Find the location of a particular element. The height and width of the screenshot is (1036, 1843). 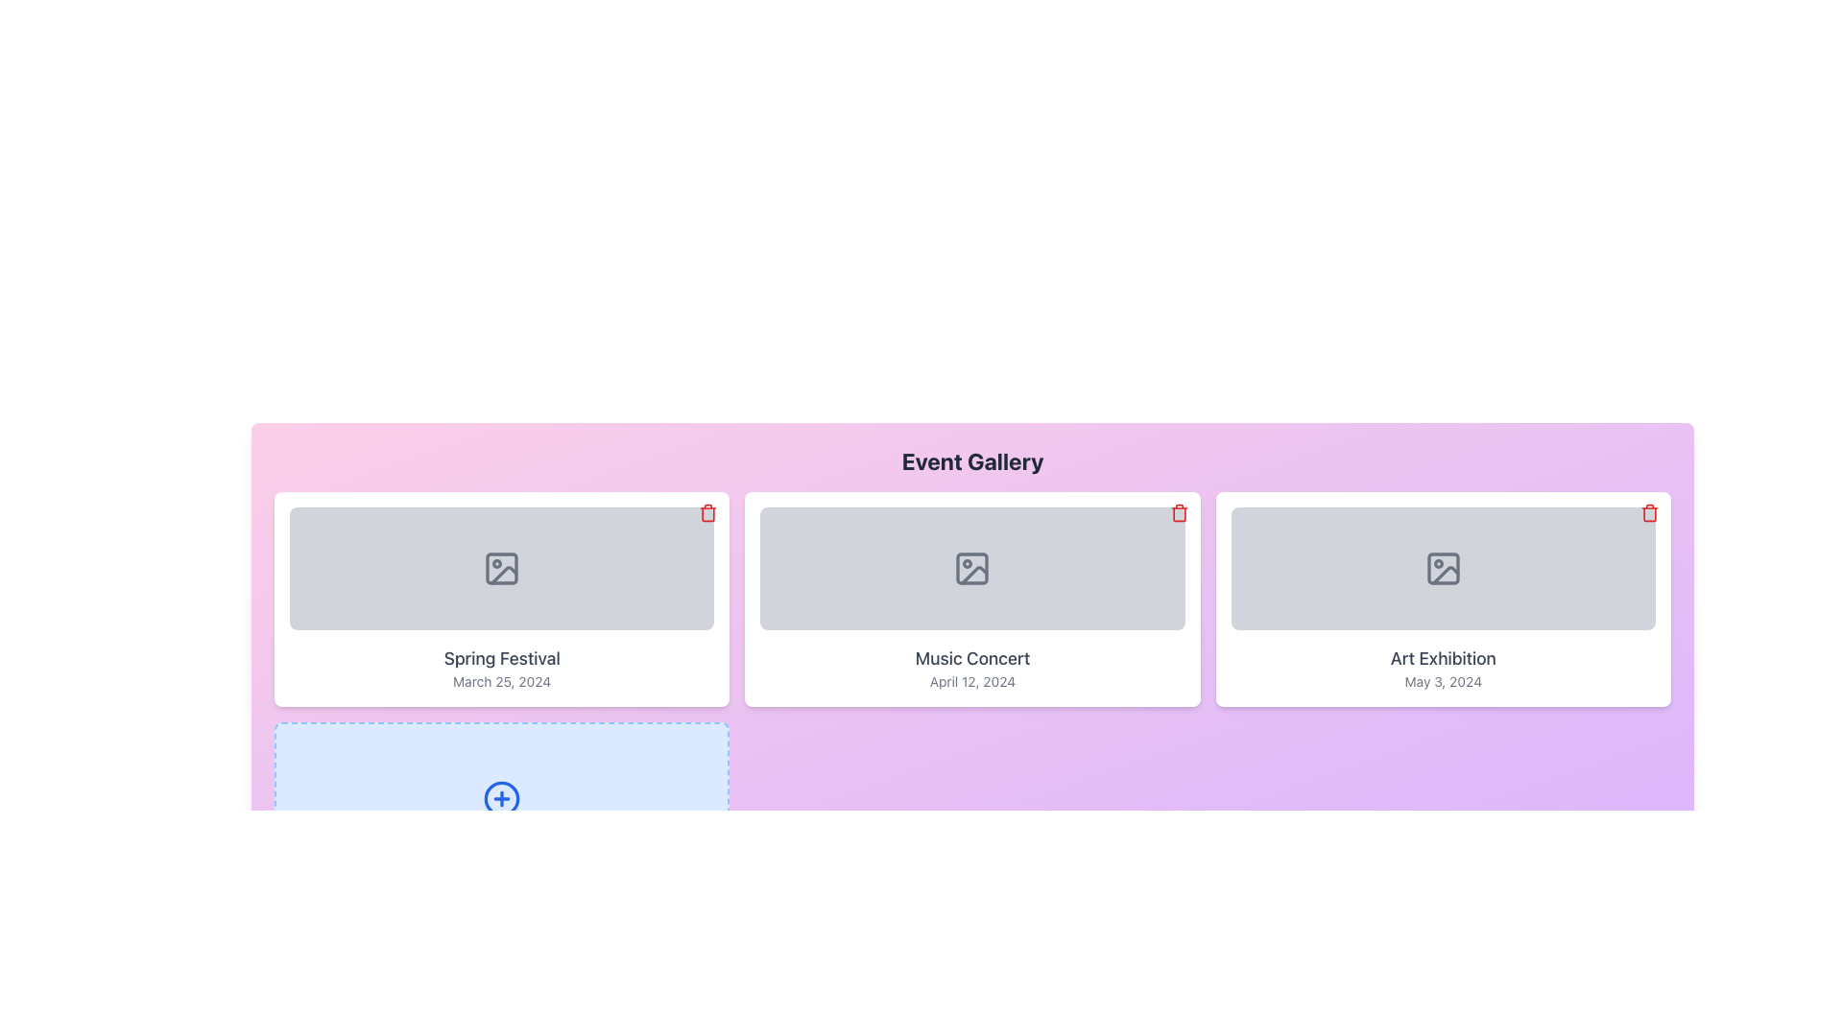

the static text element displaying 'Spring Festival', which is centrally placed within the first card from the left in a row of three cards, positioned below the image placeholder is located at coordinates (502, 657).